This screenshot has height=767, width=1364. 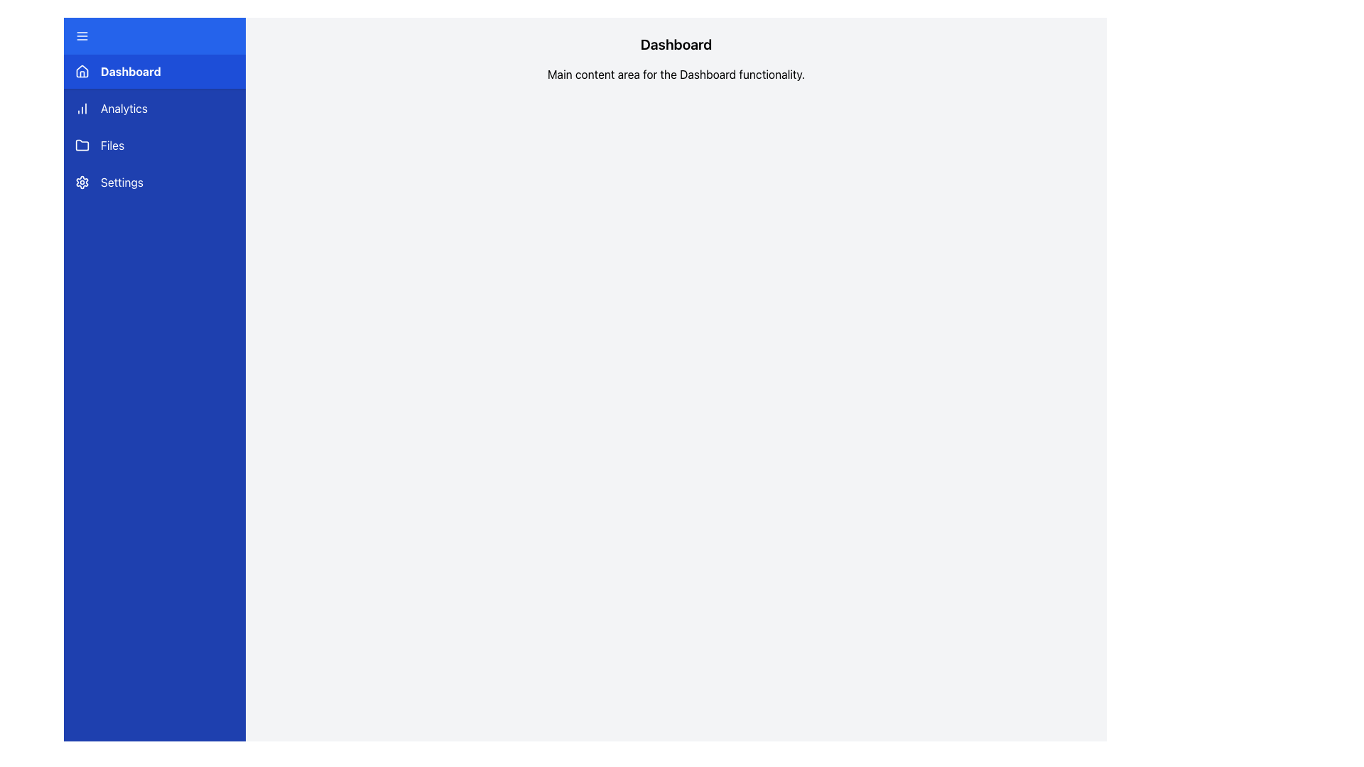 What do you see at coordinates (81, 108) in the screenshot?
I see `the bar chart icon element that is located to the left of the 'Analytics' text label in the vertical navigation menu` at bounding box center [81, 108].